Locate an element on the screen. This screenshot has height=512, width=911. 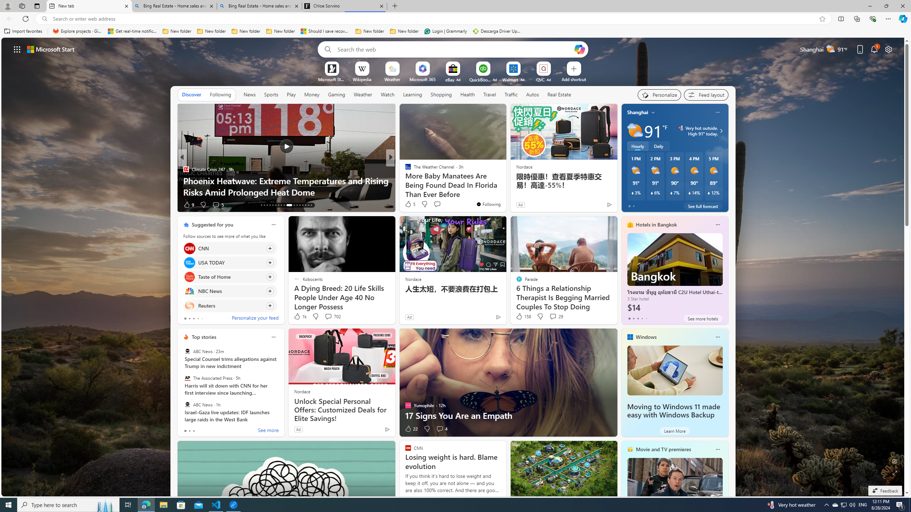
'View comments 19 Comment' is located at coordinates (442, 204).